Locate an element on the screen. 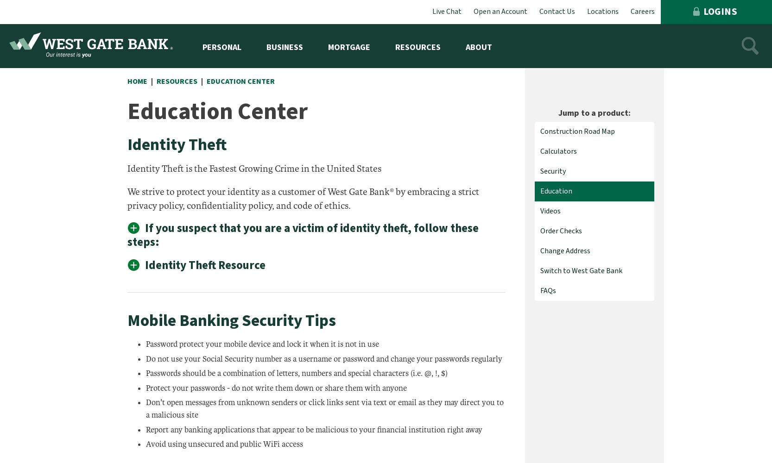 This screenshot has width=772, height=463. 'Identity Theft Resource' is located at coordinates (204, 264).